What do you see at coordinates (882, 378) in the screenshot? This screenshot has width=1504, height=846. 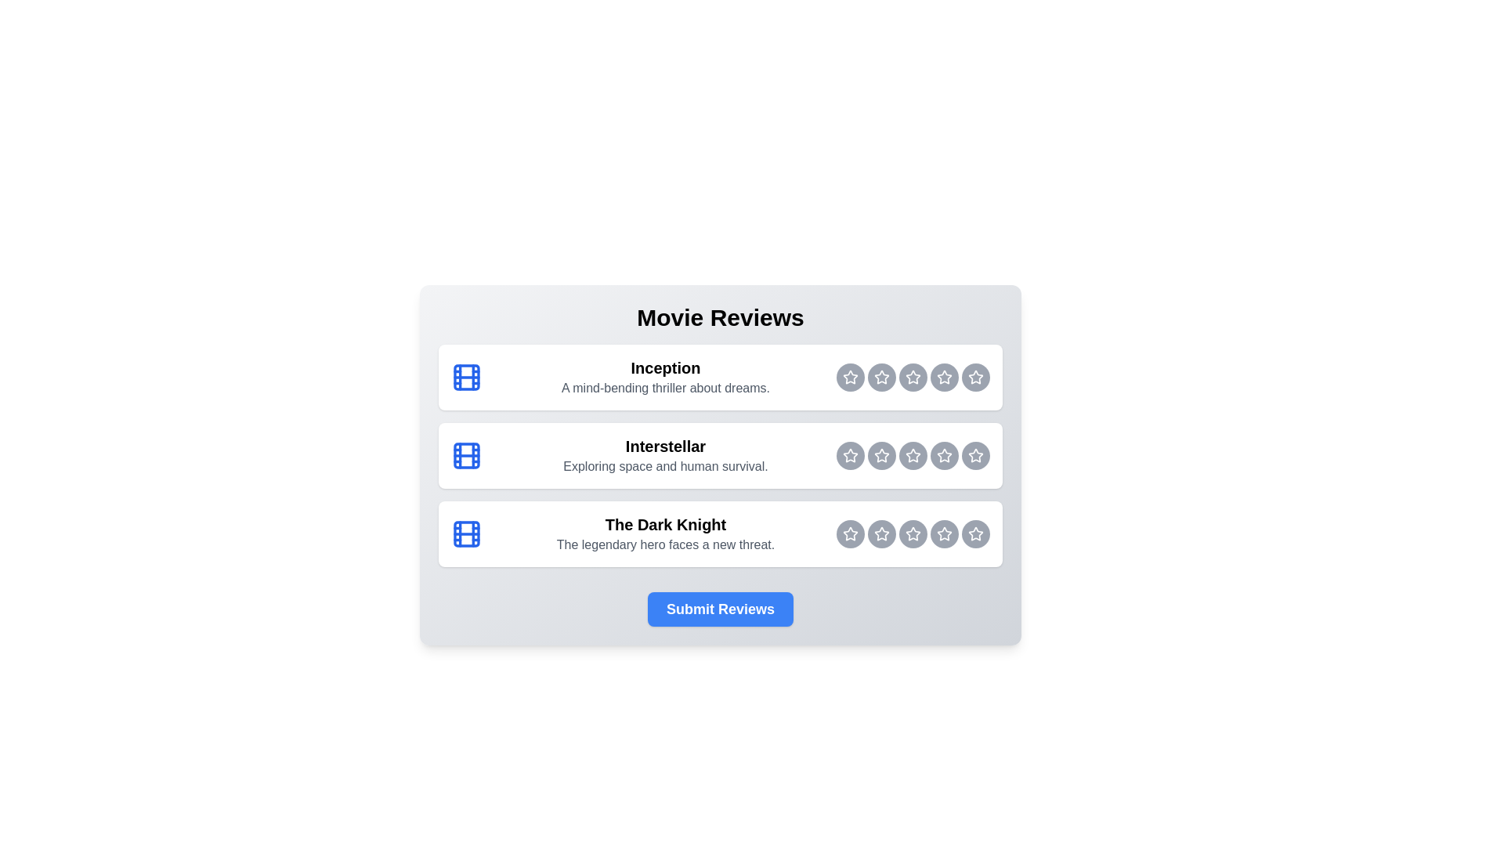 I see `the rating button for Inception at 2 stars` at bounding box center [882, 378].